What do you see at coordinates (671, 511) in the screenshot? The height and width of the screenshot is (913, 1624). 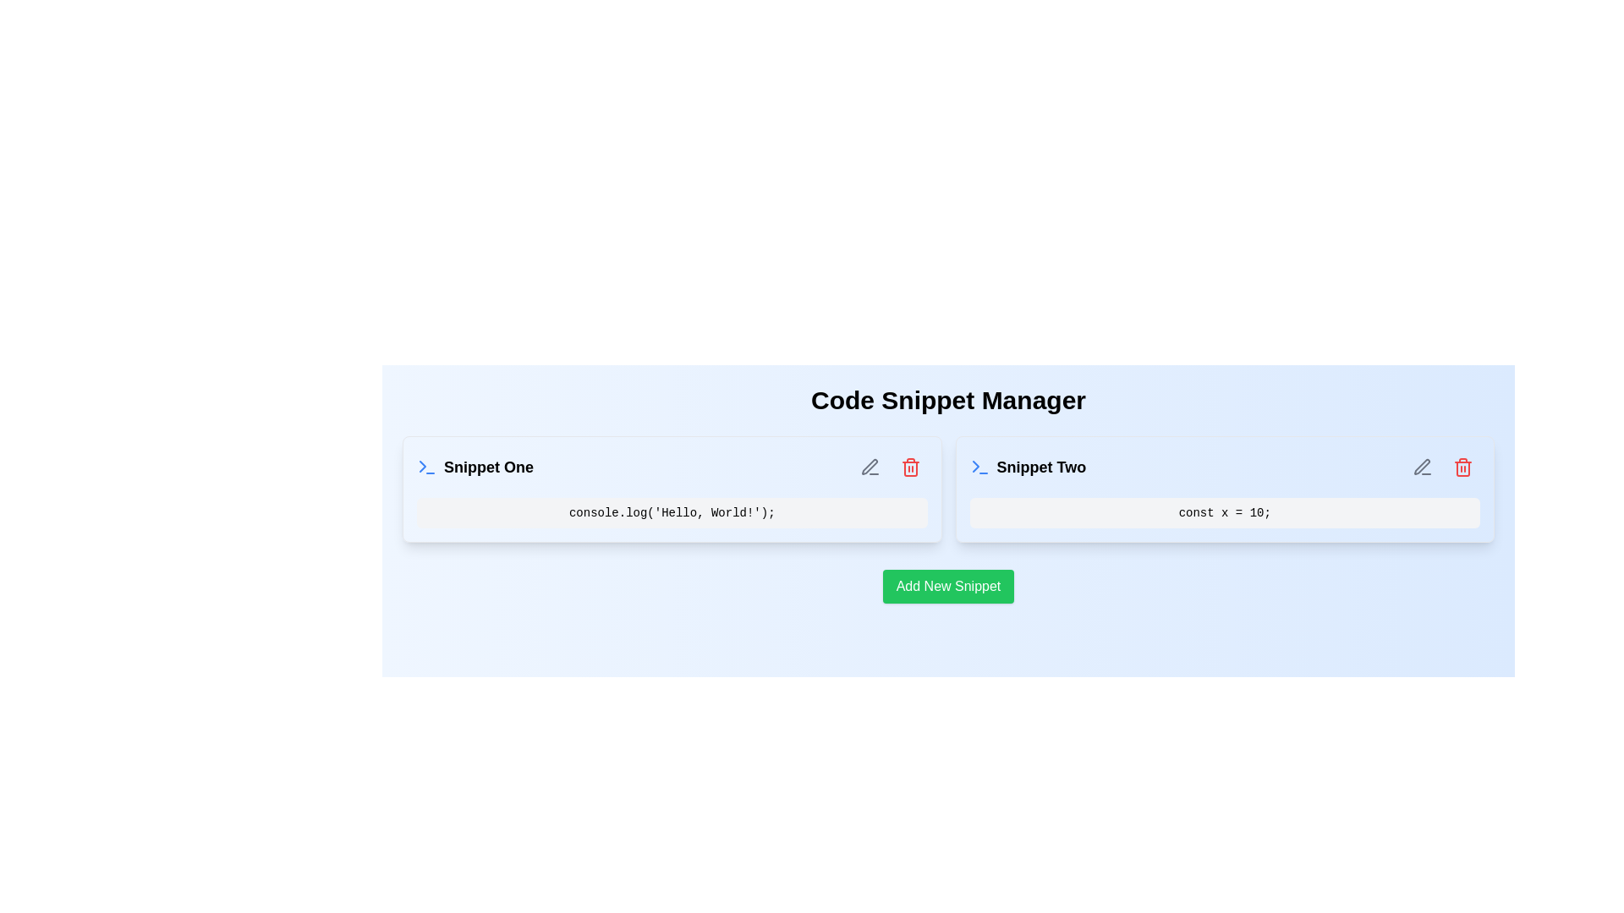 I see `the styled text display field containing the text 'console.log('Hello, World!');'` at bounding box center [671, 511].